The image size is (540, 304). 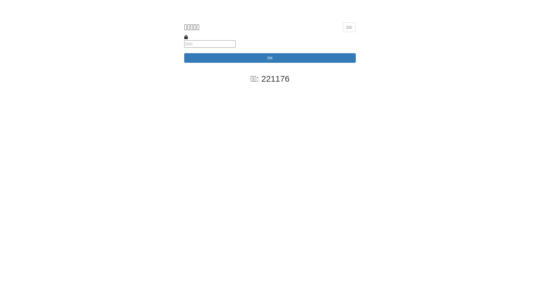 I want to click on 'OK', so click(x=270, y=58).